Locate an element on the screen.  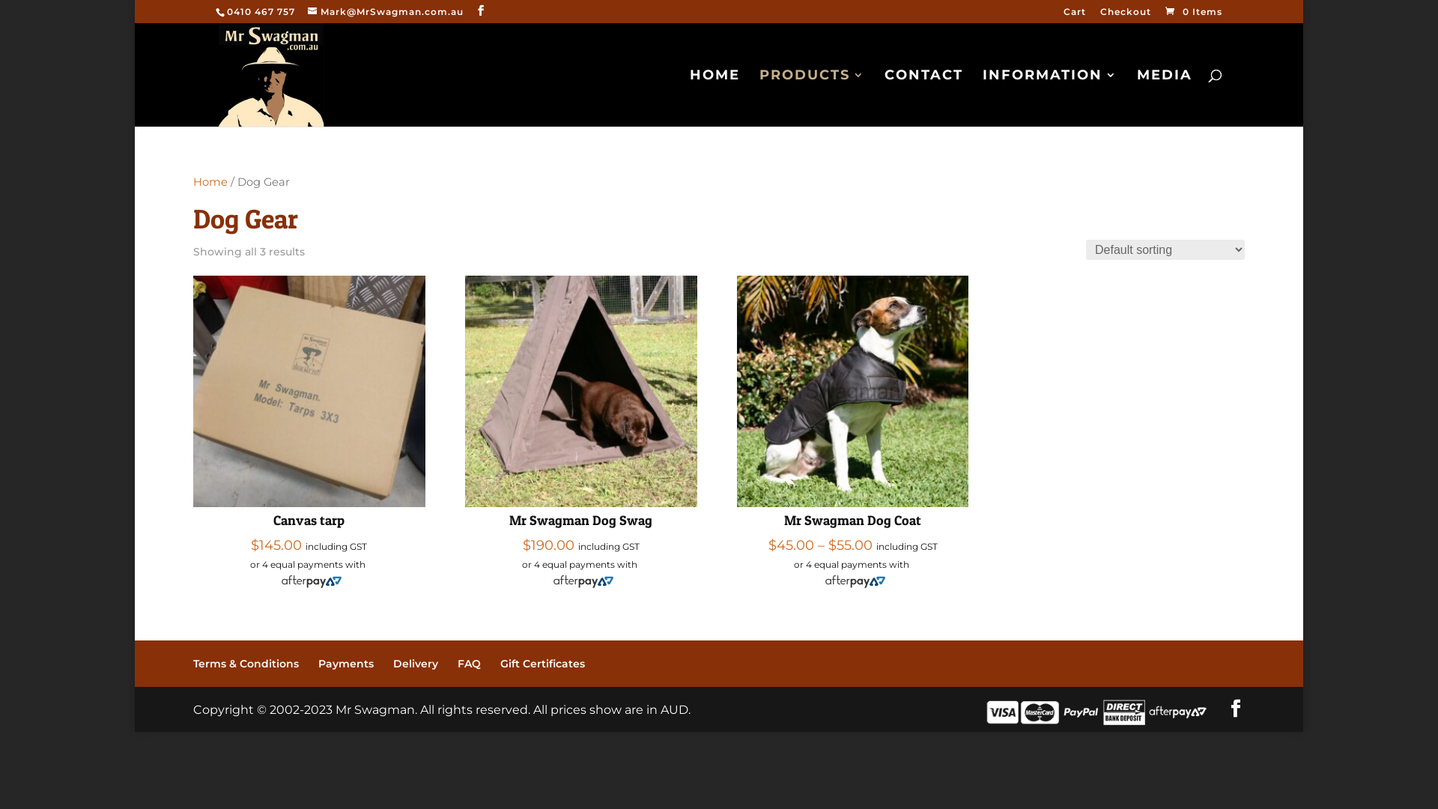
'Cart' is located at coordinates (1074, 15).